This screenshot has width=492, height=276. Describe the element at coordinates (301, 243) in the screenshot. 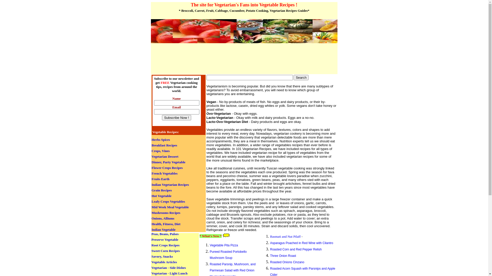

I see `'Asparagus Poached in Red Wine with Cilantro'` at that location.